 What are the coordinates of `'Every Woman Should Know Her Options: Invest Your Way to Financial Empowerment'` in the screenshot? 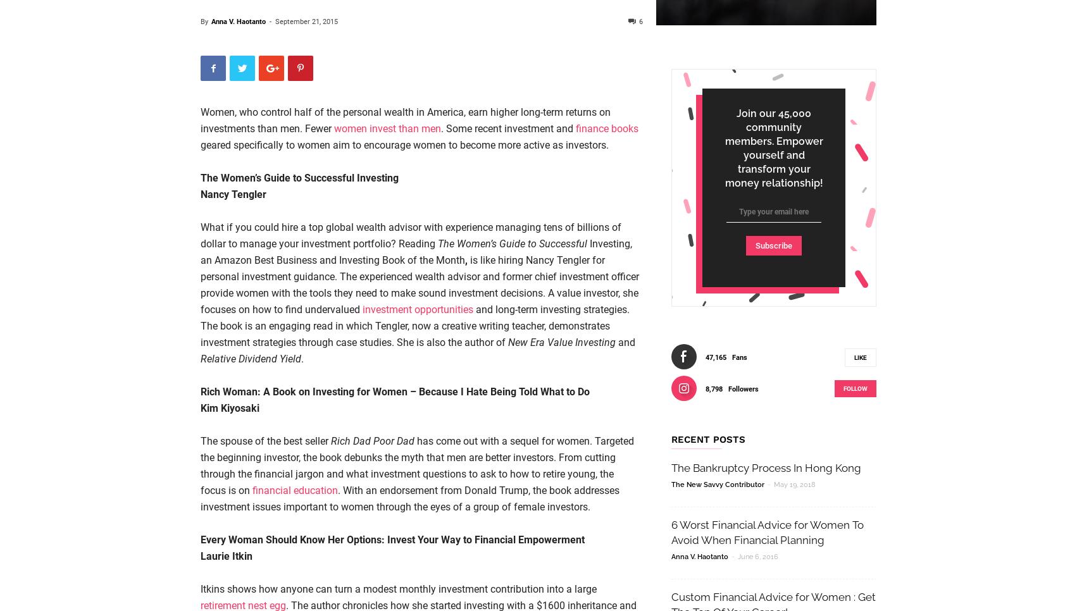 It's located at (201, 539).